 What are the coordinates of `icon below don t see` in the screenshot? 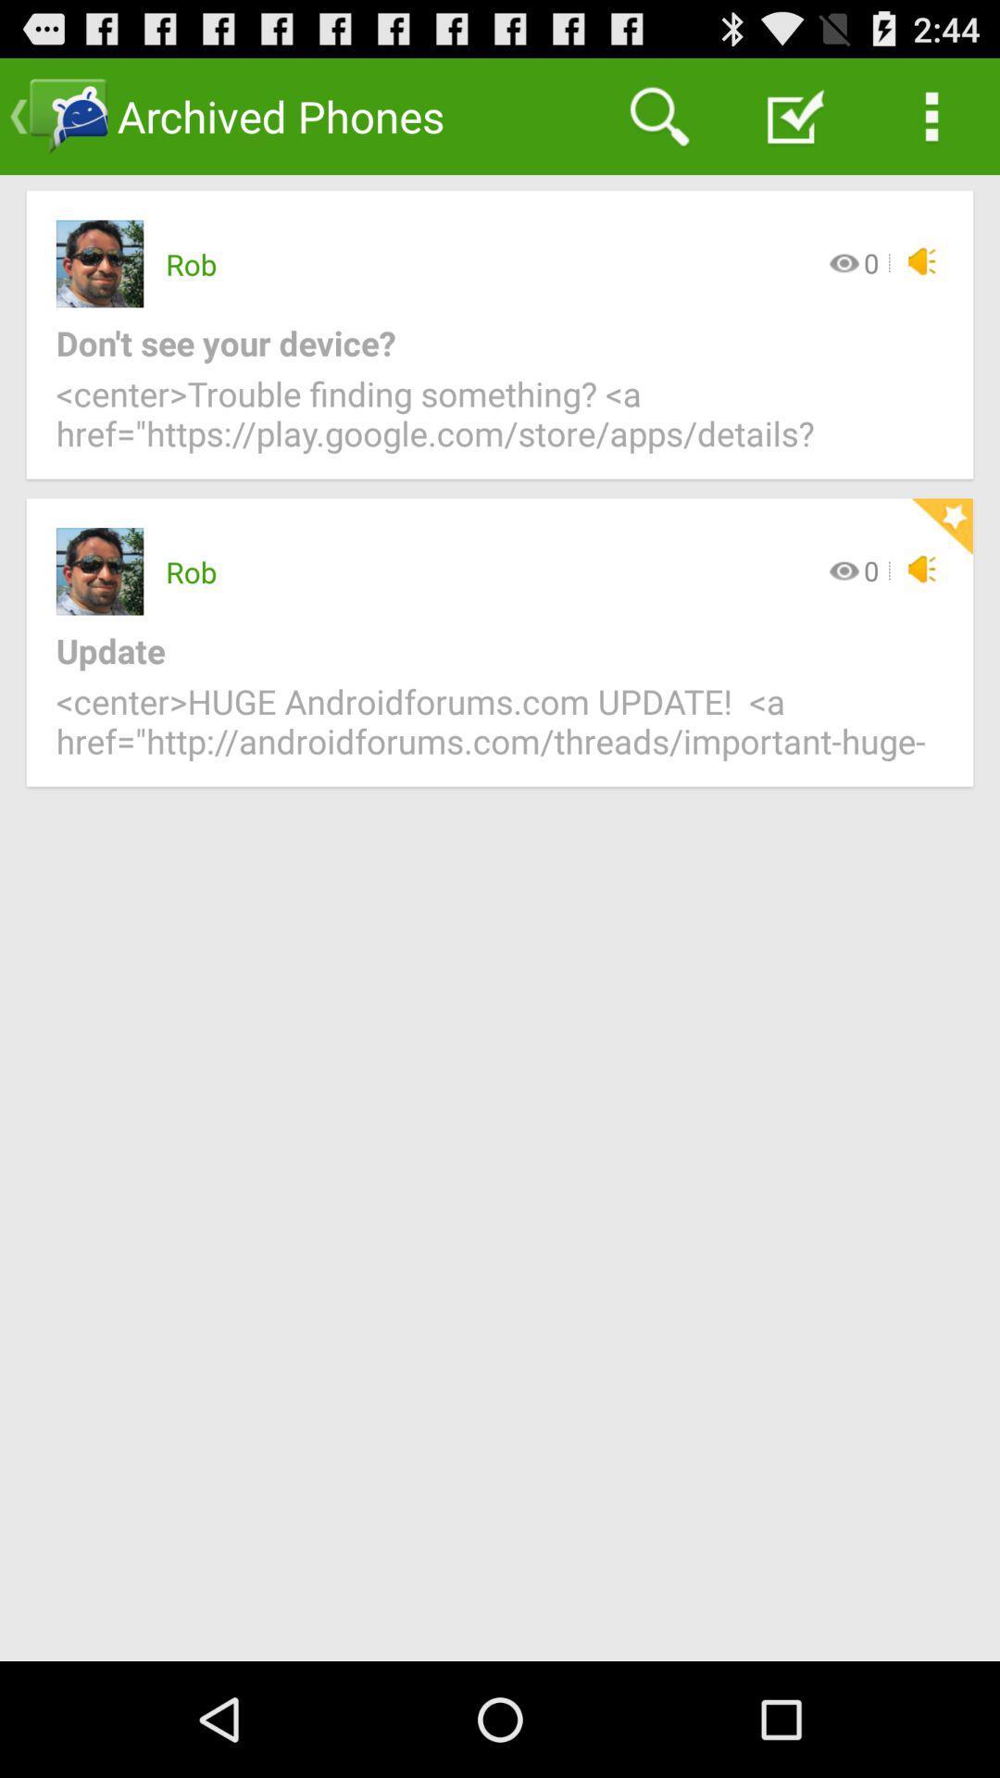 It's located at (500, 424).